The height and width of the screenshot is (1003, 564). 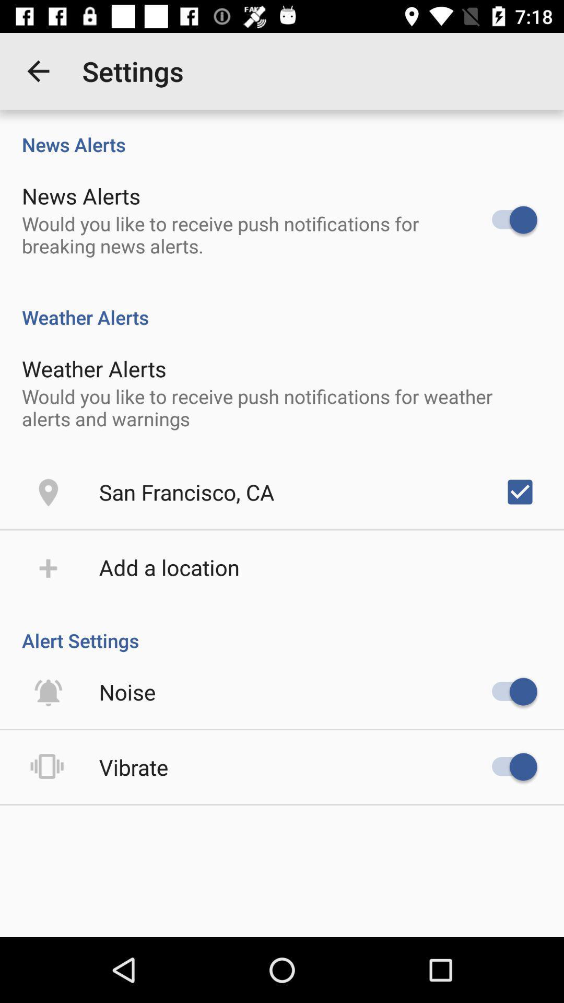 What do you see at coordinates (38, 71) in the screenshot?
I see `the icon above news alerts item` at bounding box center [38, 71].